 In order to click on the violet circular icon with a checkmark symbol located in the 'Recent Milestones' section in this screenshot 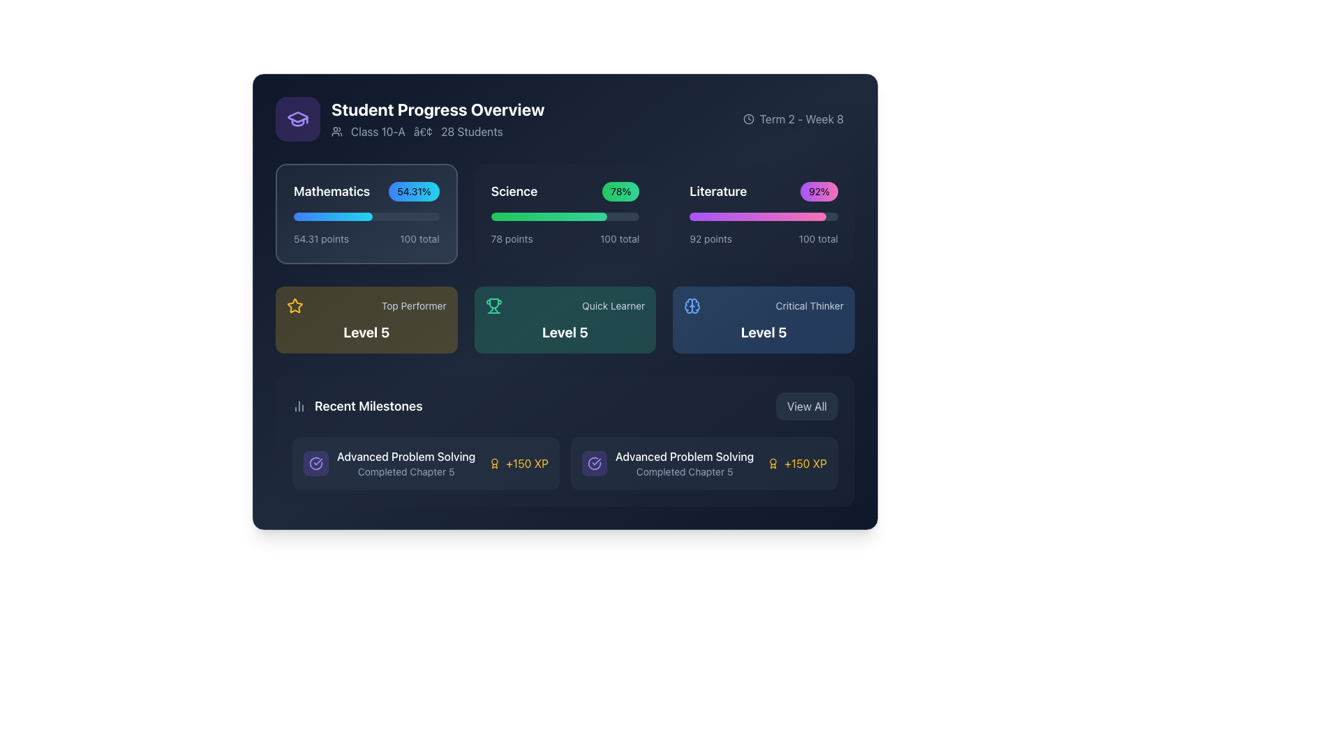, I will do `click(594, 463)`.